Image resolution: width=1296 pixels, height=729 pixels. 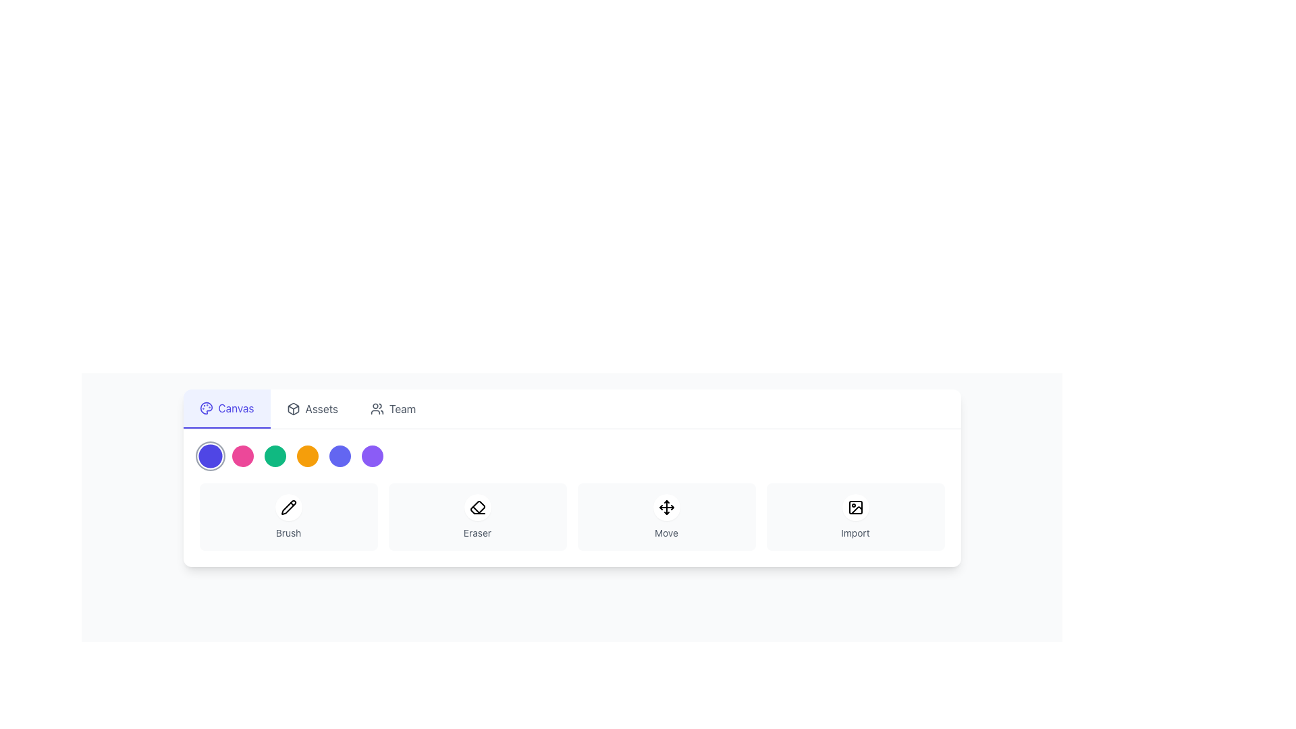 I want to click on the SVG rectangle element located in the bottom-right section of the icon strip, so click(x=855, y=508).